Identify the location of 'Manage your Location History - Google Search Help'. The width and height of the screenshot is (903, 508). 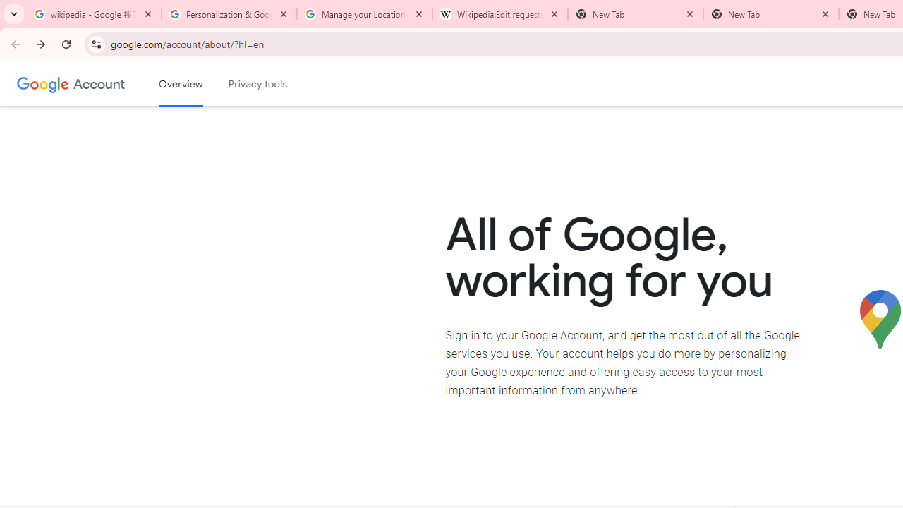
(365, 14).